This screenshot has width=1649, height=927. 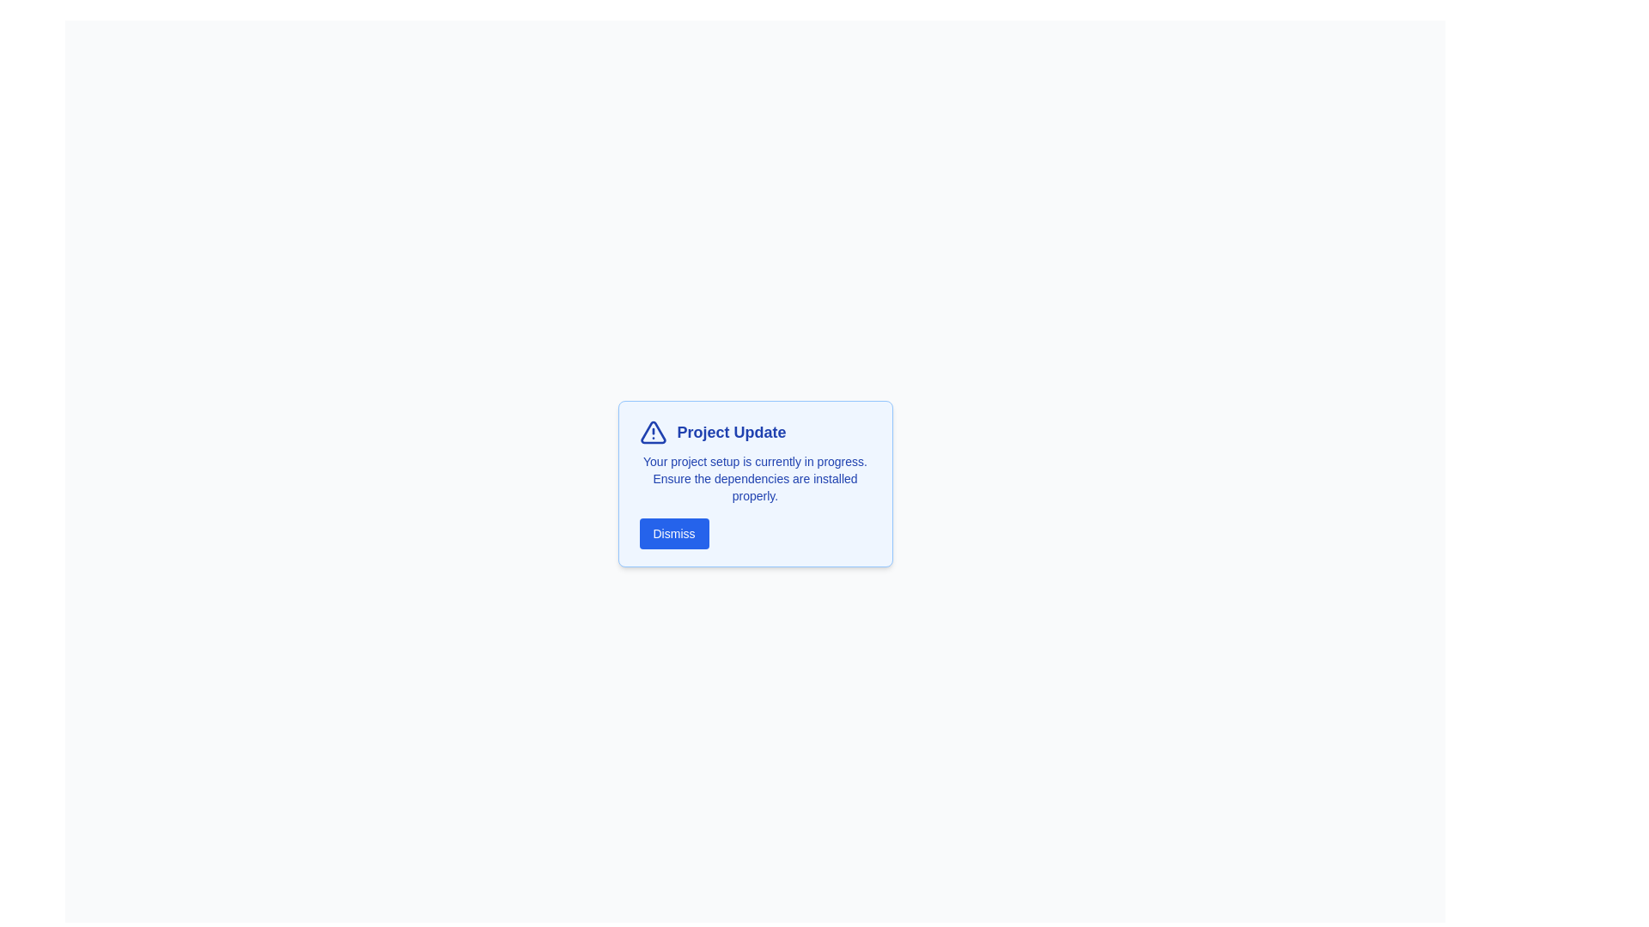 I want to click on 'Dismiss' button to close the alert, so click(x=673, y=532).